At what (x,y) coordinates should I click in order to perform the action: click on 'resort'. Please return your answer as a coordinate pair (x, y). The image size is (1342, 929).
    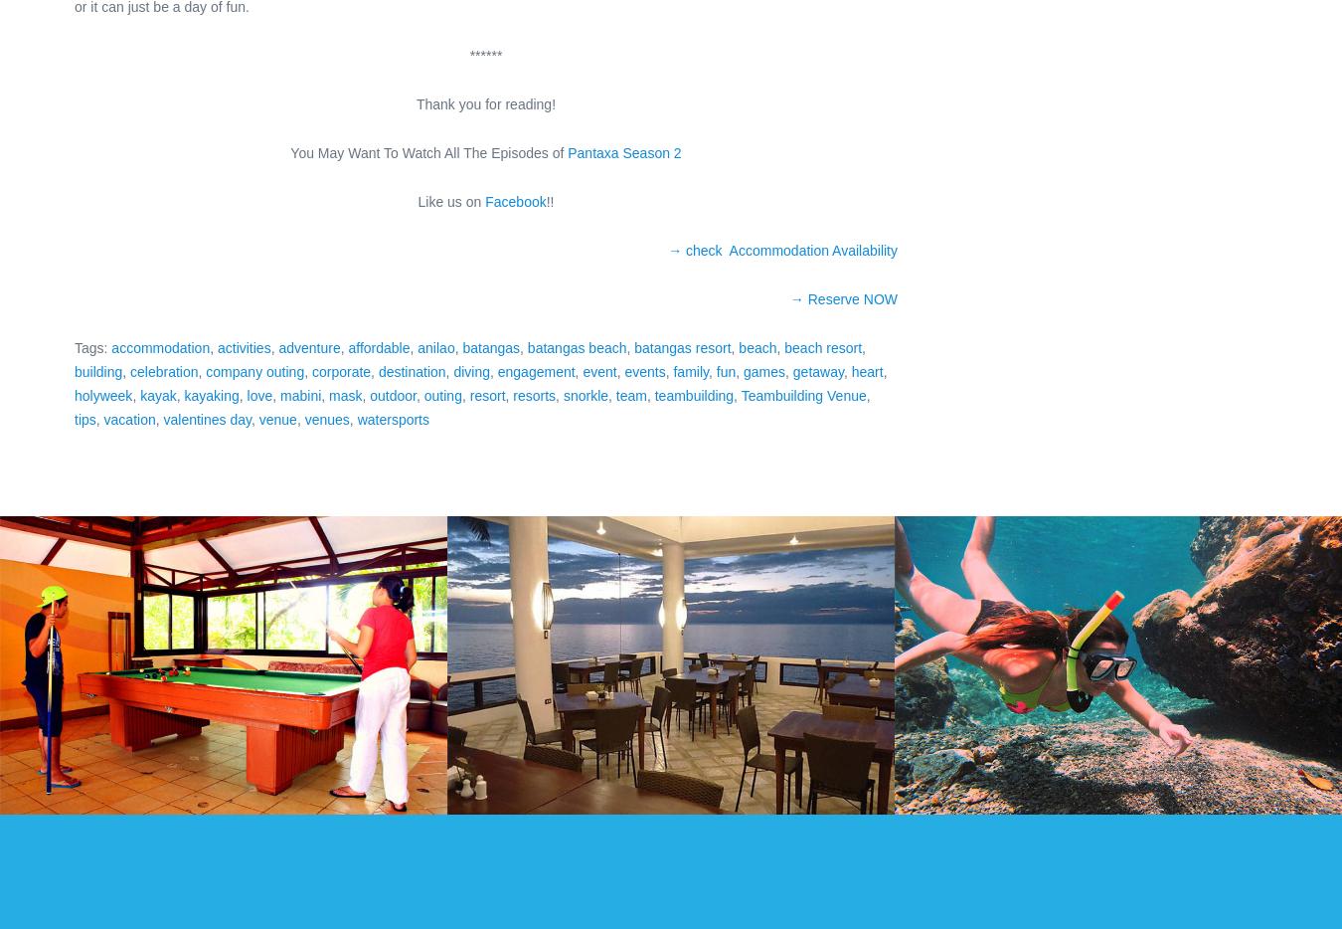
    Looking at the image, I should click on (467, 394).